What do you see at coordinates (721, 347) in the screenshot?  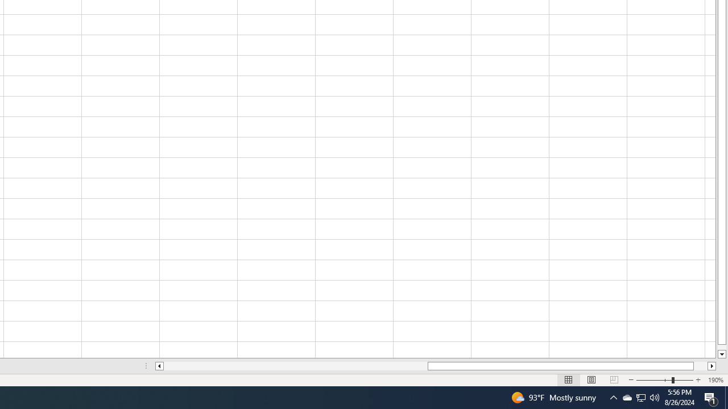 I see `'Page down'` at bounding box center [721, 347].